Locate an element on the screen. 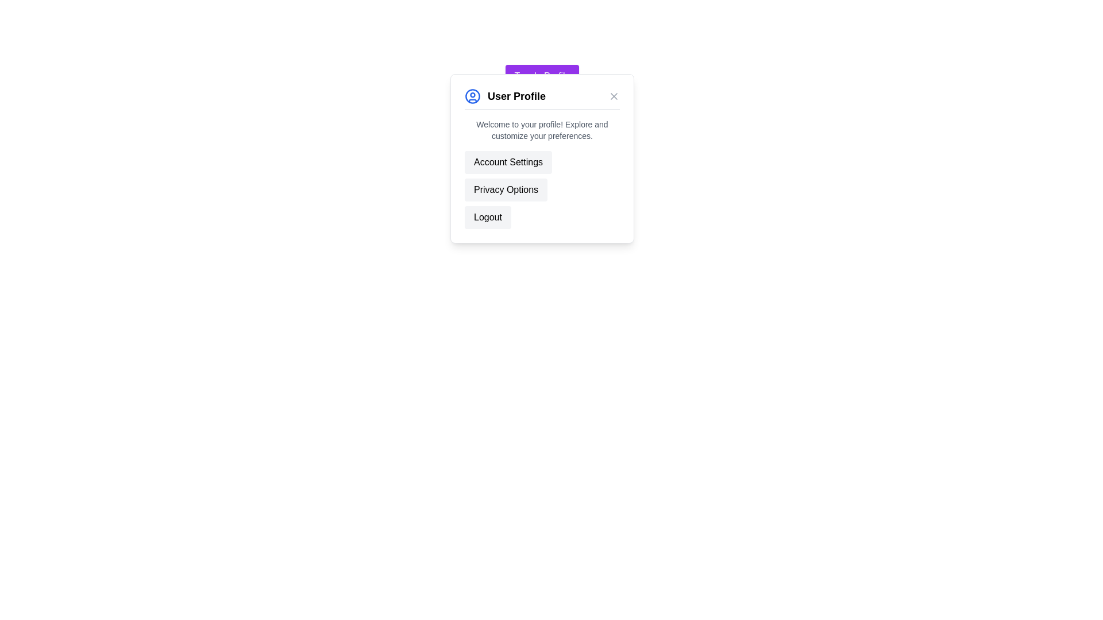 The width and height of the screenshot is (1103, 620). the second button in the vertical list under 'User Profile' is located at coordinates (506, 189).